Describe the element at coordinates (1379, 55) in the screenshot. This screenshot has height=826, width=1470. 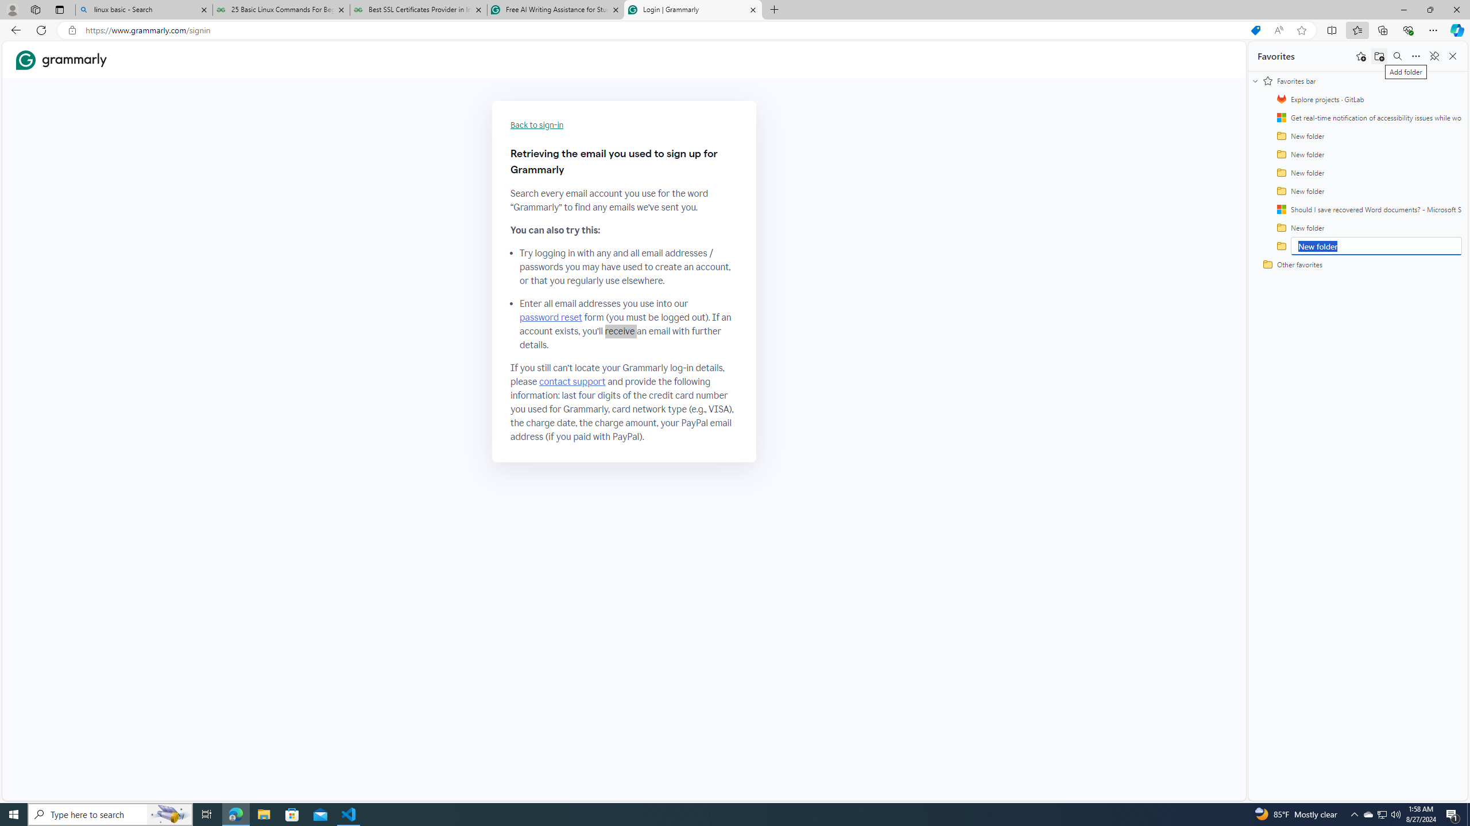
I see `'Add folder'` at that location.